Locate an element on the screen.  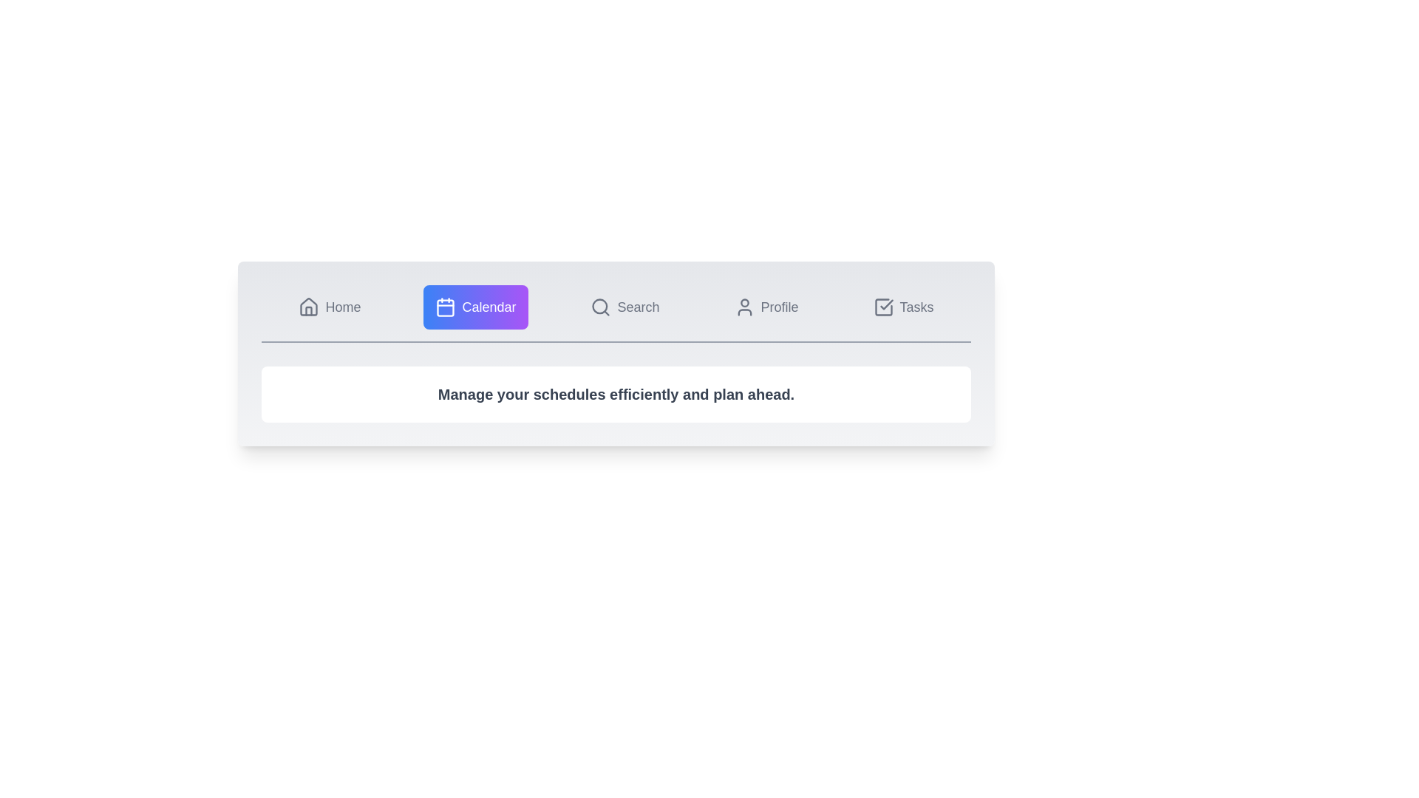
the Tasks tab is located at coordinates (902, 307).